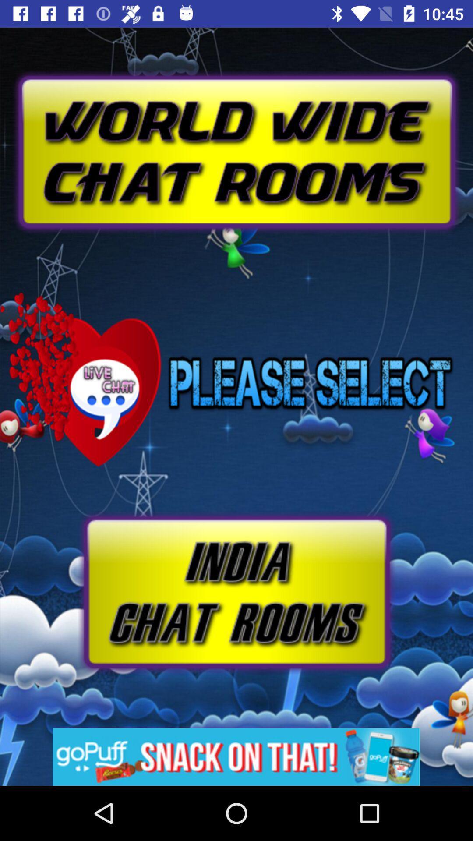 Image resolution: width=473 pixels, height=841 pixels. What do you see at coordinates (236, 592) in the screenshot?
I see `india chat rooms` at bounding box center [236, 592].